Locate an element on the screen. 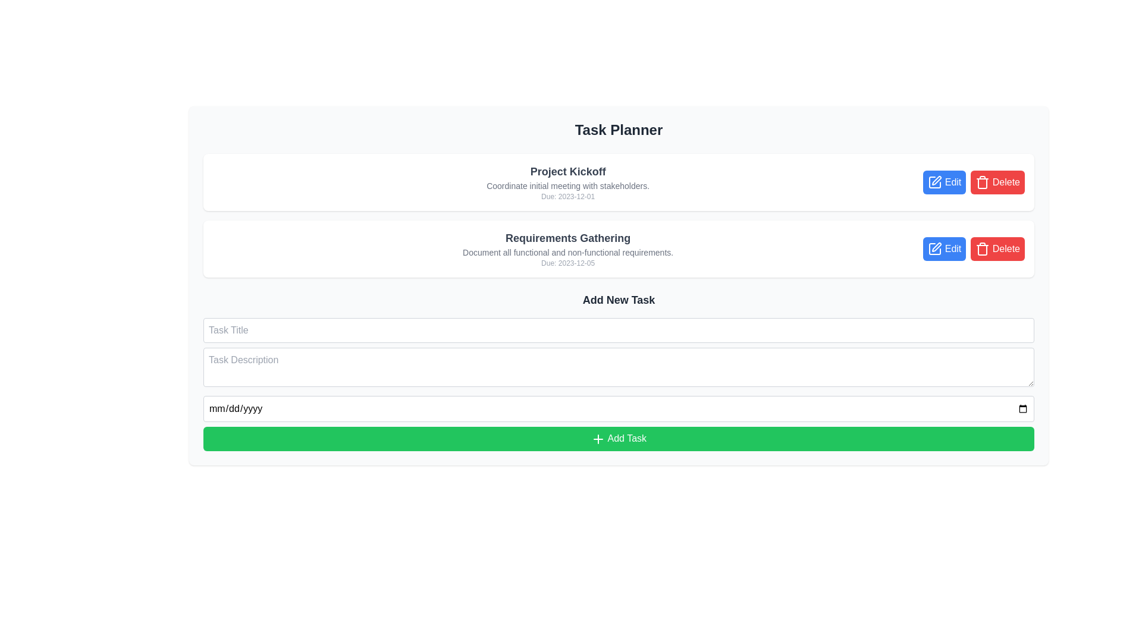  the red 'Delete' button located in the top-right of the task block is located at coordinates (997, 182).